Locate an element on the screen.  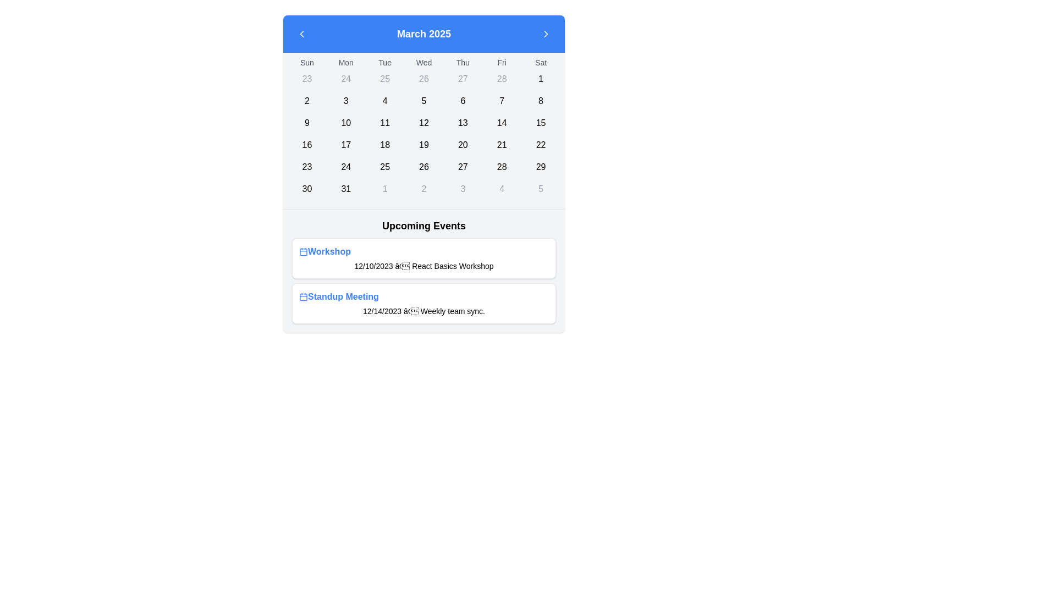
the right chevron icon in the blue header panel is located at coordinates (546, 33).